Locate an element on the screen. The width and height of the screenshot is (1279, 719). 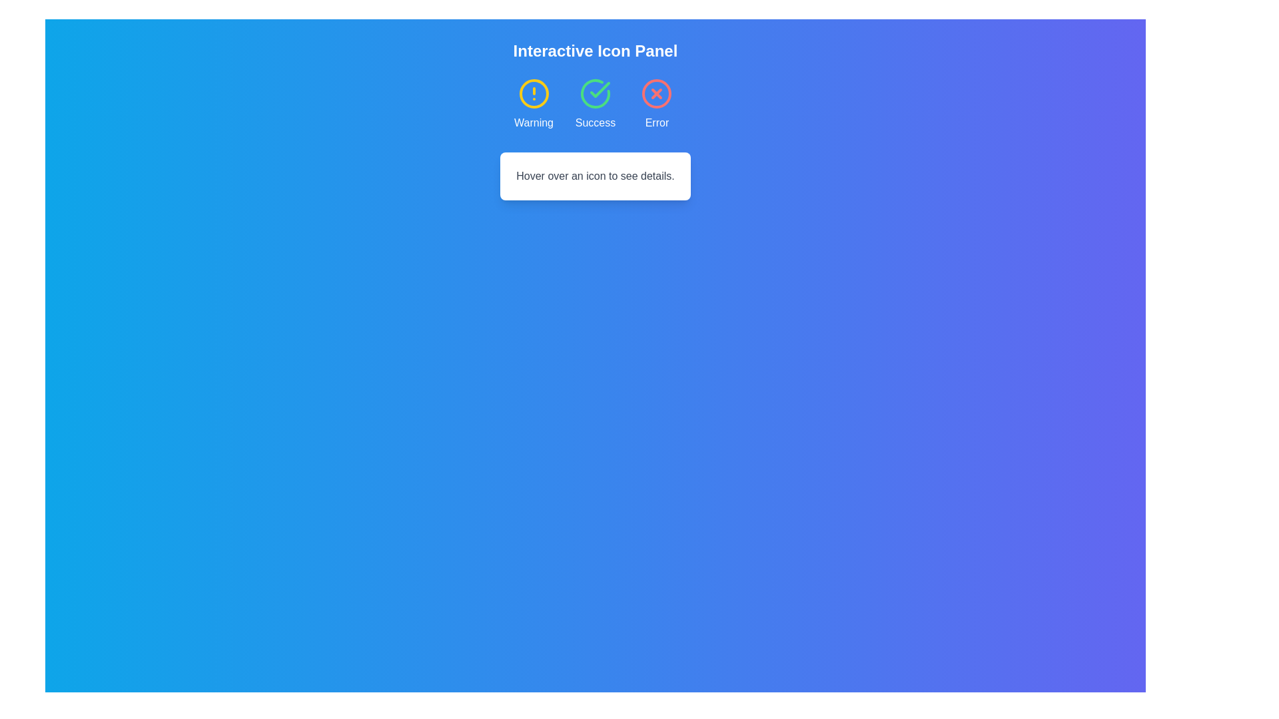
the Text Label that provides a textual representation for the associated warning icon, located below a yellow circle with an exclamation mark is located at coordinates (534, 123).